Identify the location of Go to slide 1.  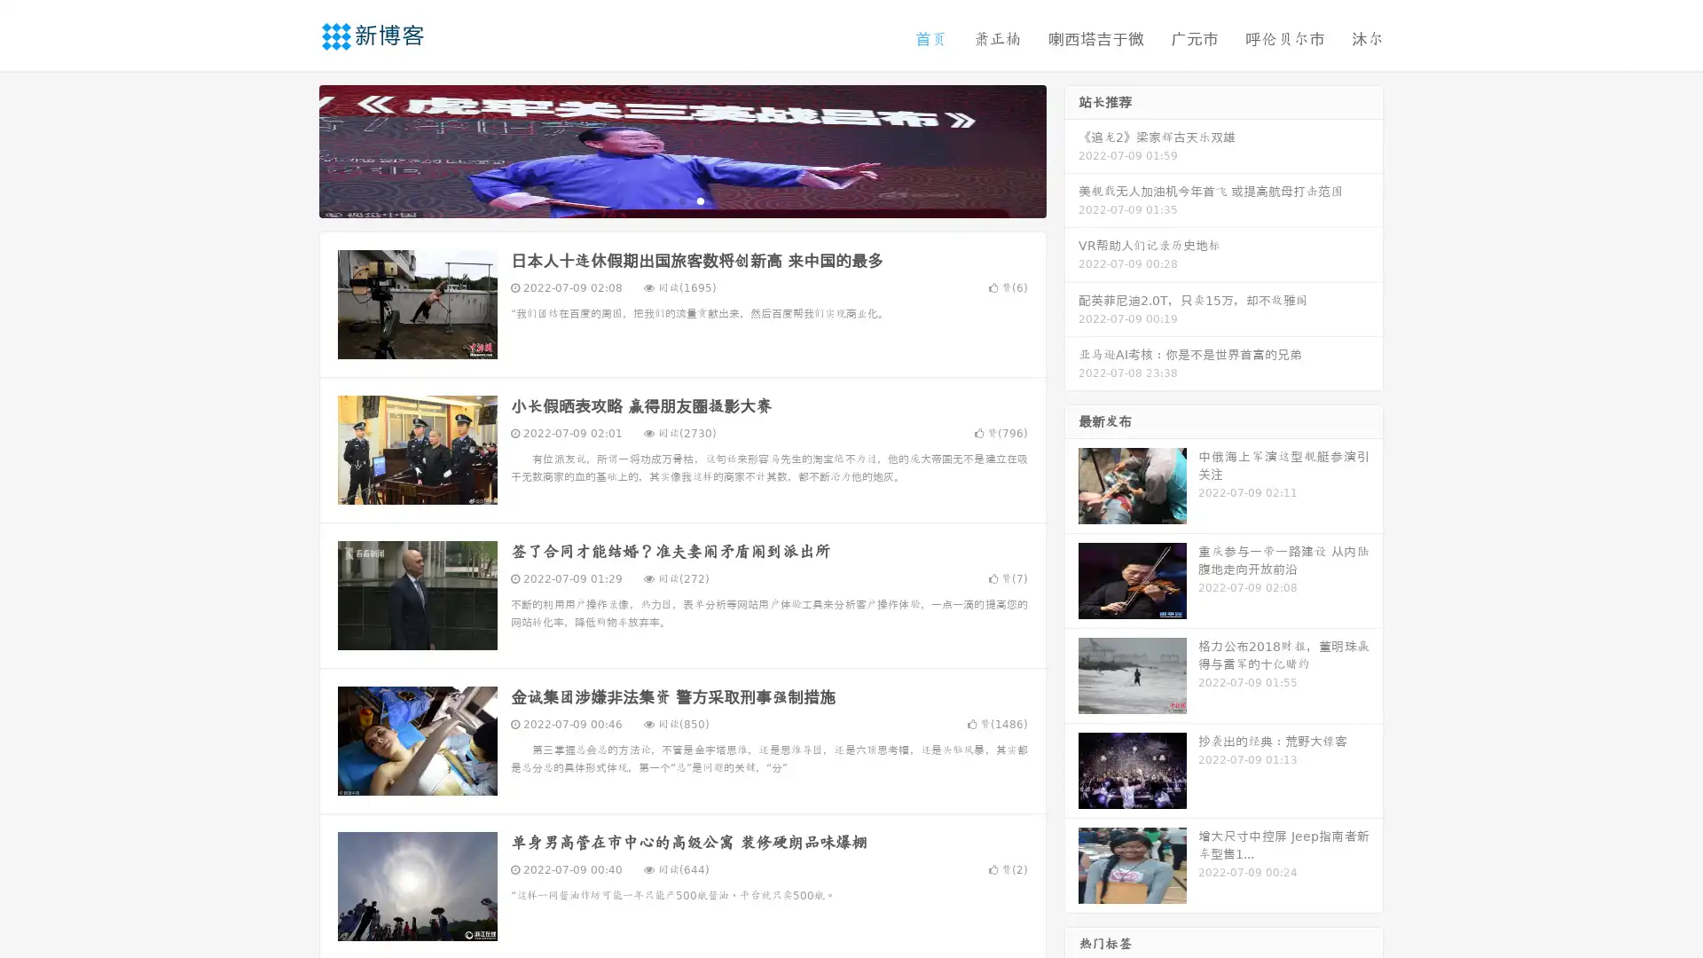
(663, 200).